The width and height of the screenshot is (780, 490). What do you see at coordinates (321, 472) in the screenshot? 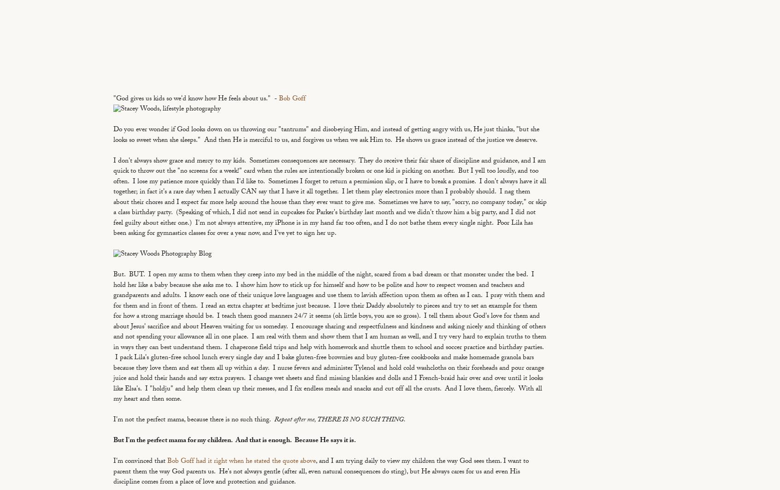
I see `', and I am trying daily to view my children the way God sees them. I want to parent them the way God parents us.  He's not always gentle (after all, even natural consequences do sting), but He always cares for us and even His discipline comes from a place of love and protection and guidance.'` at bounding box center [321, 472].